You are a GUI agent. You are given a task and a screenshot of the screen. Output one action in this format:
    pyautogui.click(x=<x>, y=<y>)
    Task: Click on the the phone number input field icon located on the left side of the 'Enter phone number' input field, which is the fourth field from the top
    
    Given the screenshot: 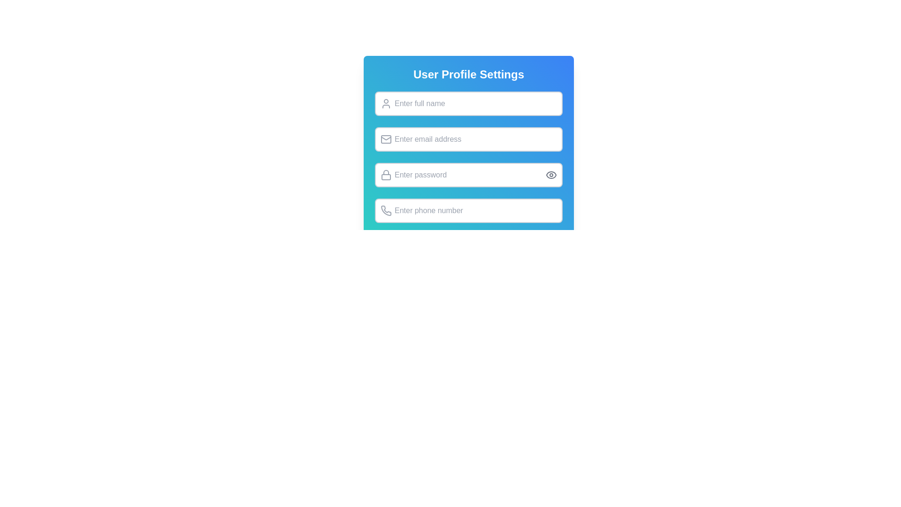 What is the action you would take?
    pyautogui.click(x=386, y=210)
    